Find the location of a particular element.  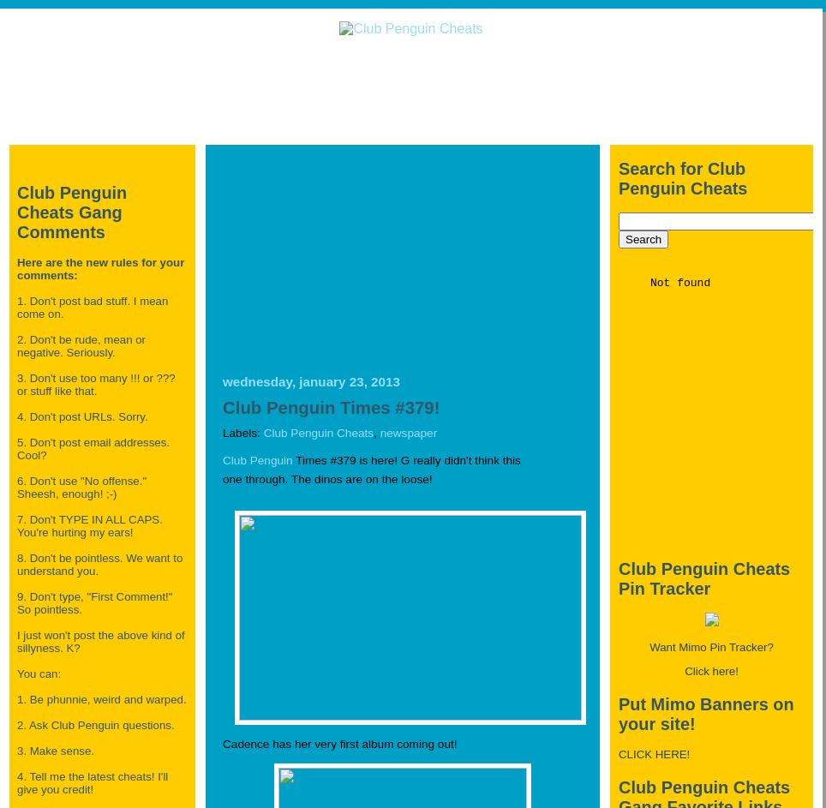

'3. Make sense.' is located at coordinates (15, 751).